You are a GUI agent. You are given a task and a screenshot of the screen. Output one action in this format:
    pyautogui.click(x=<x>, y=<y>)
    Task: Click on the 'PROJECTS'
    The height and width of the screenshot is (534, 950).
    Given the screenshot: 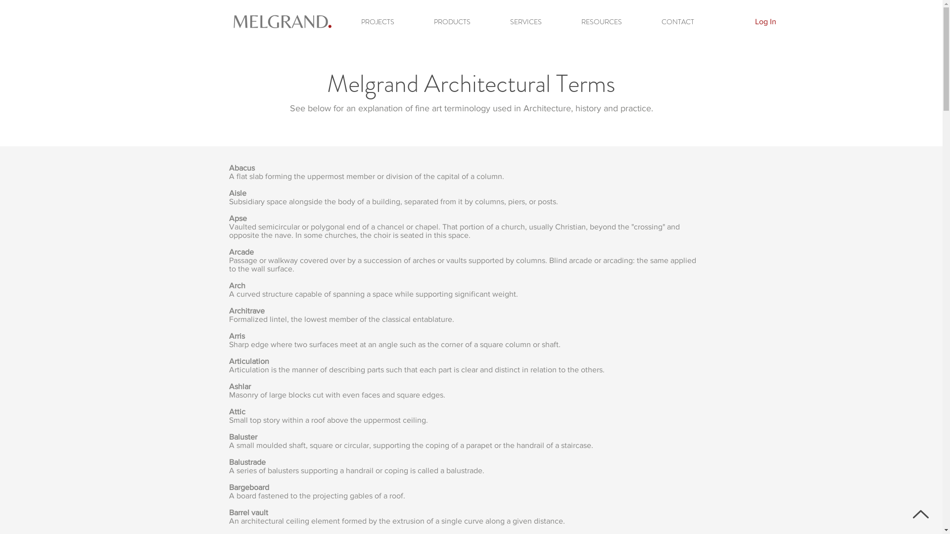 What is the action you would take?
    pyautogui.click(x=377, y=22)
    